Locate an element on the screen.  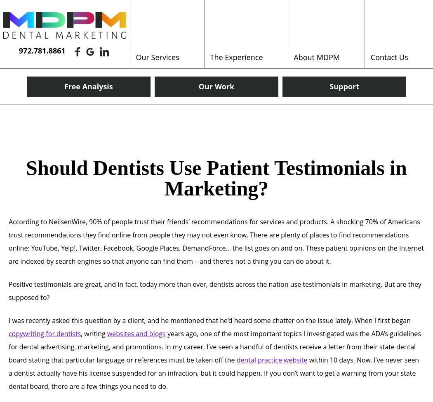
'Our Services' is located at coordinates (157, 56).